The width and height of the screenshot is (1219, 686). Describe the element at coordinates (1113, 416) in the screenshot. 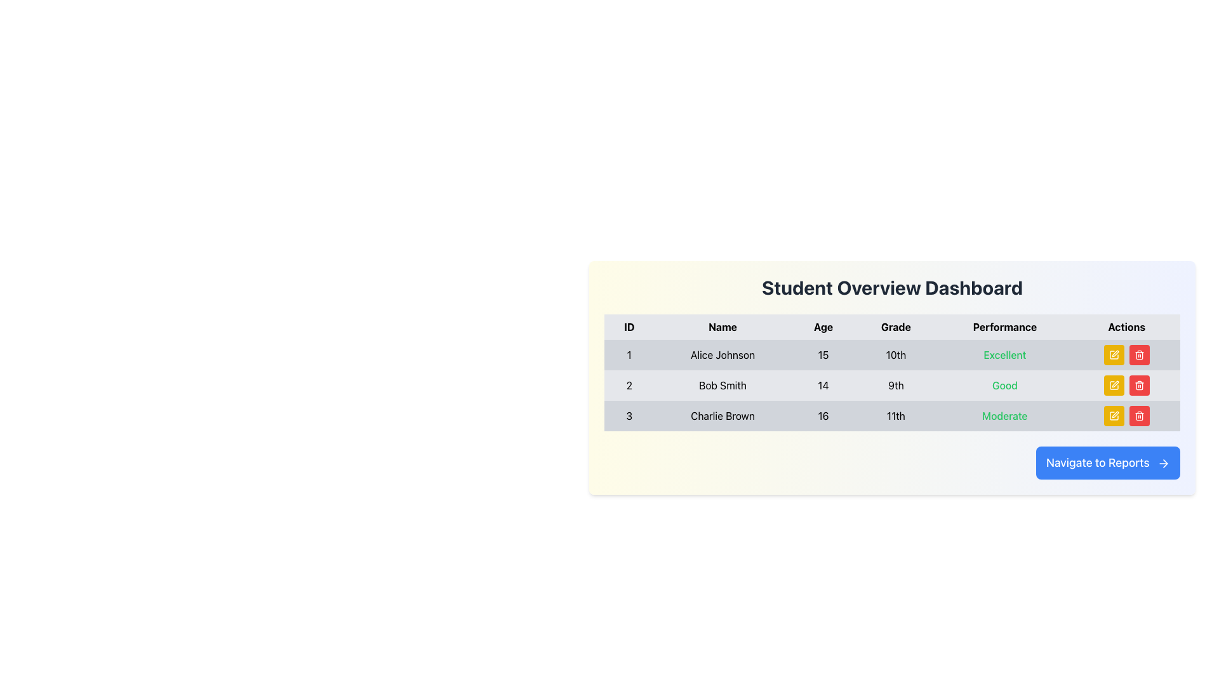

I see `the edit button in the 'Actions' column of the third row in the table to modify the details for 'Charlie Brown'` at that location.